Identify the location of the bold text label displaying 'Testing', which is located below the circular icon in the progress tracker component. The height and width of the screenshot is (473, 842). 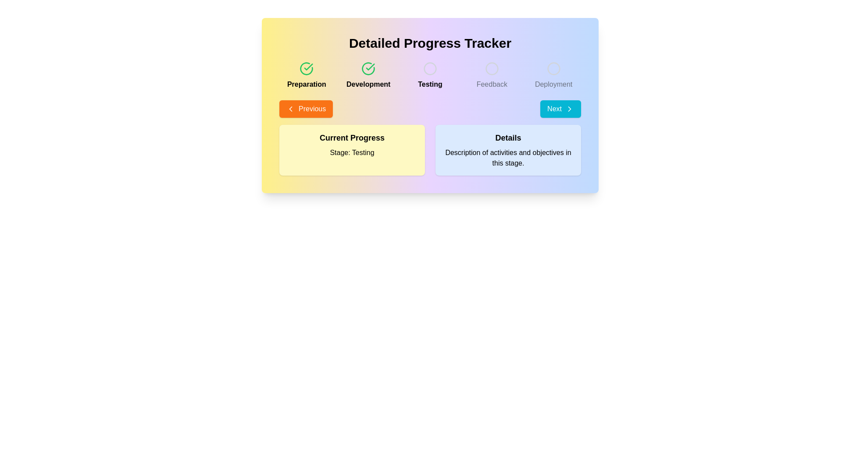
(430, 84).